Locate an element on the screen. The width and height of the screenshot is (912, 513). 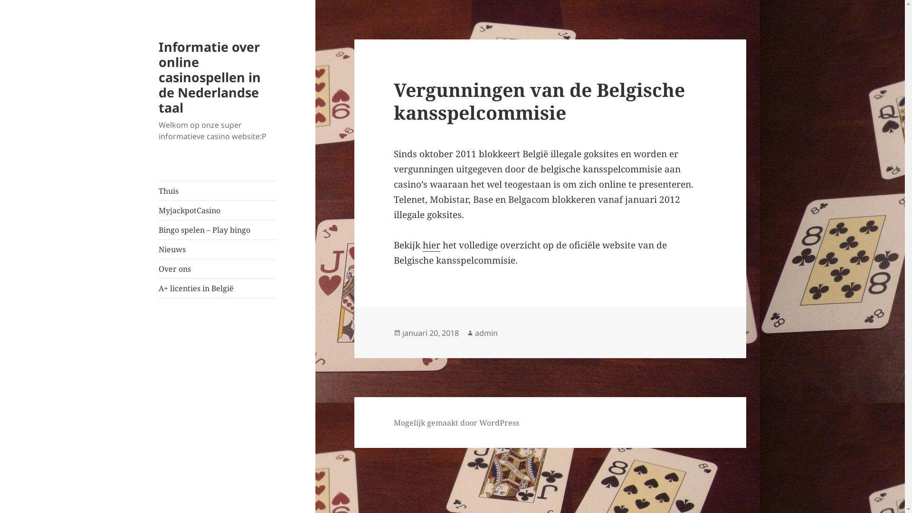
'Thuis' is located at coordinates (217, 190).